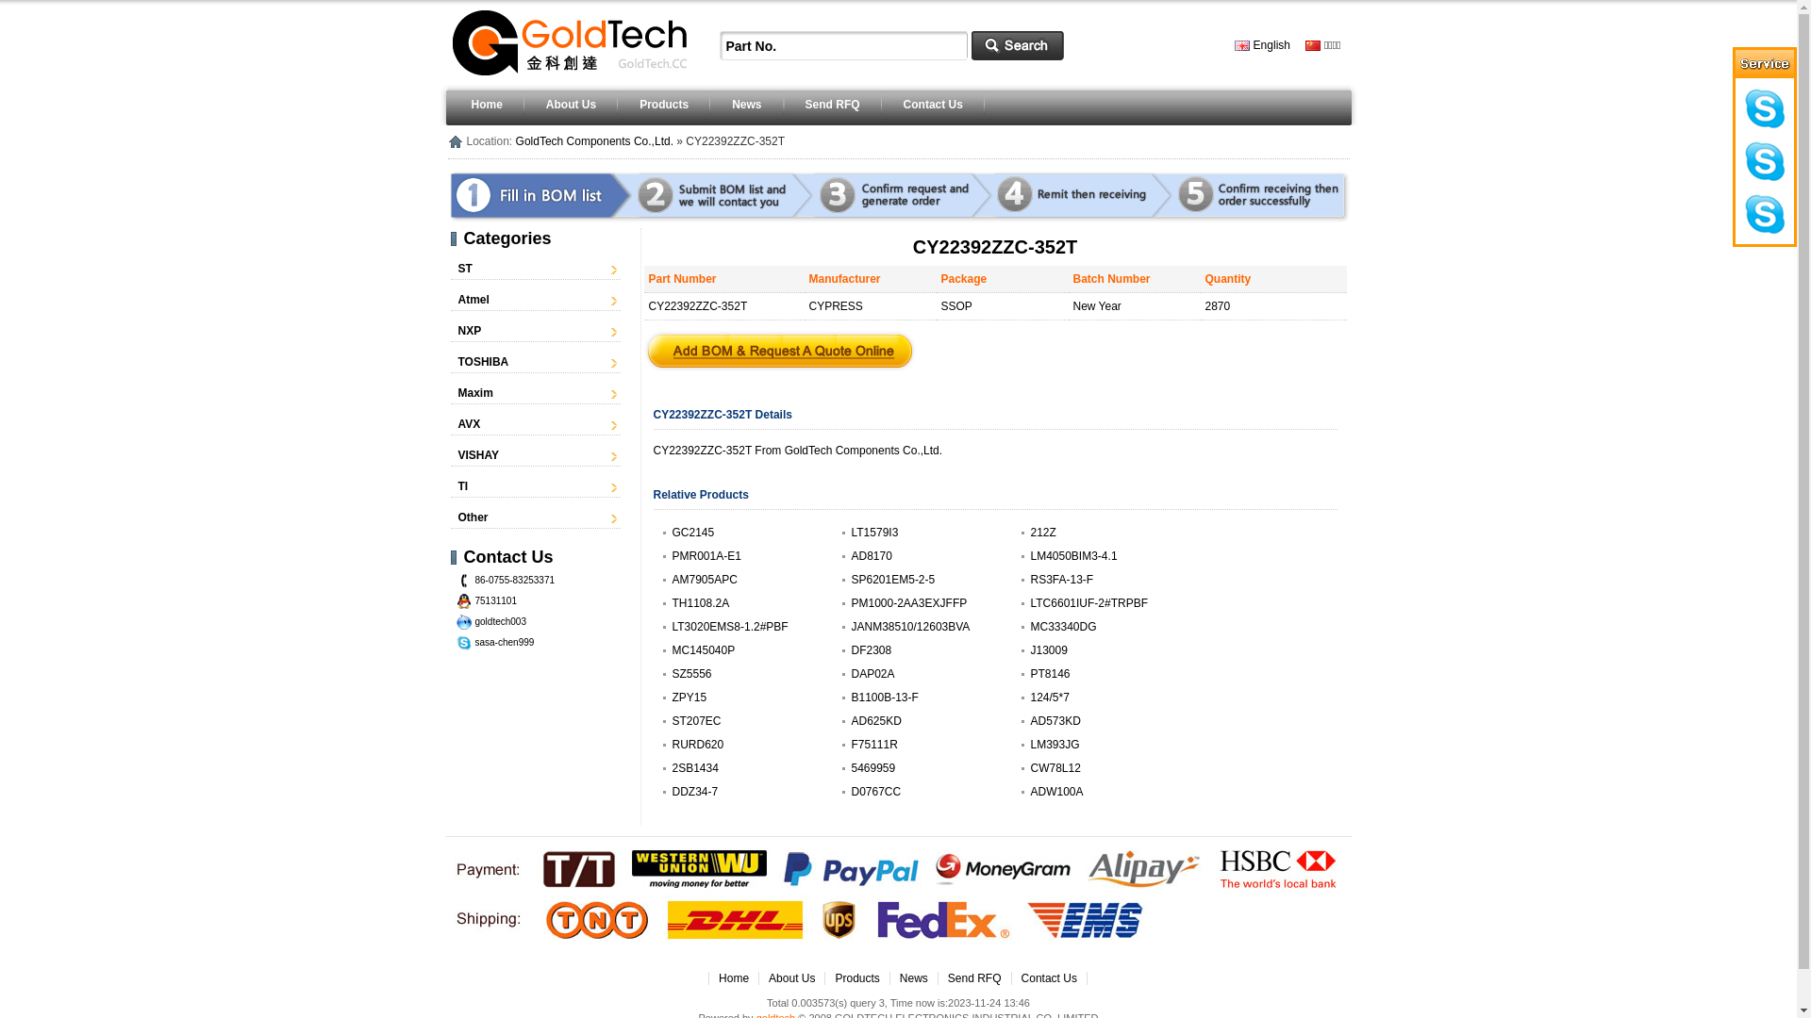 The image size is (1811, 1018). Describe the element at coordinates (470, 424) in the screenshot. I see `'AVX'` at that location.